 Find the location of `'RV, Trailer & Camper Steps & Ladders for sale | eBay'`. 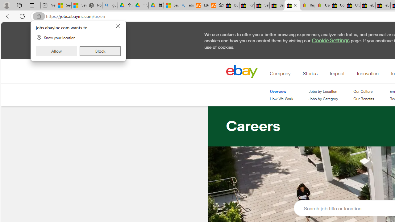

'RV, Trailer & Camper Steps & Ladders for sale | eBay' is located at coordinates (247, 5).